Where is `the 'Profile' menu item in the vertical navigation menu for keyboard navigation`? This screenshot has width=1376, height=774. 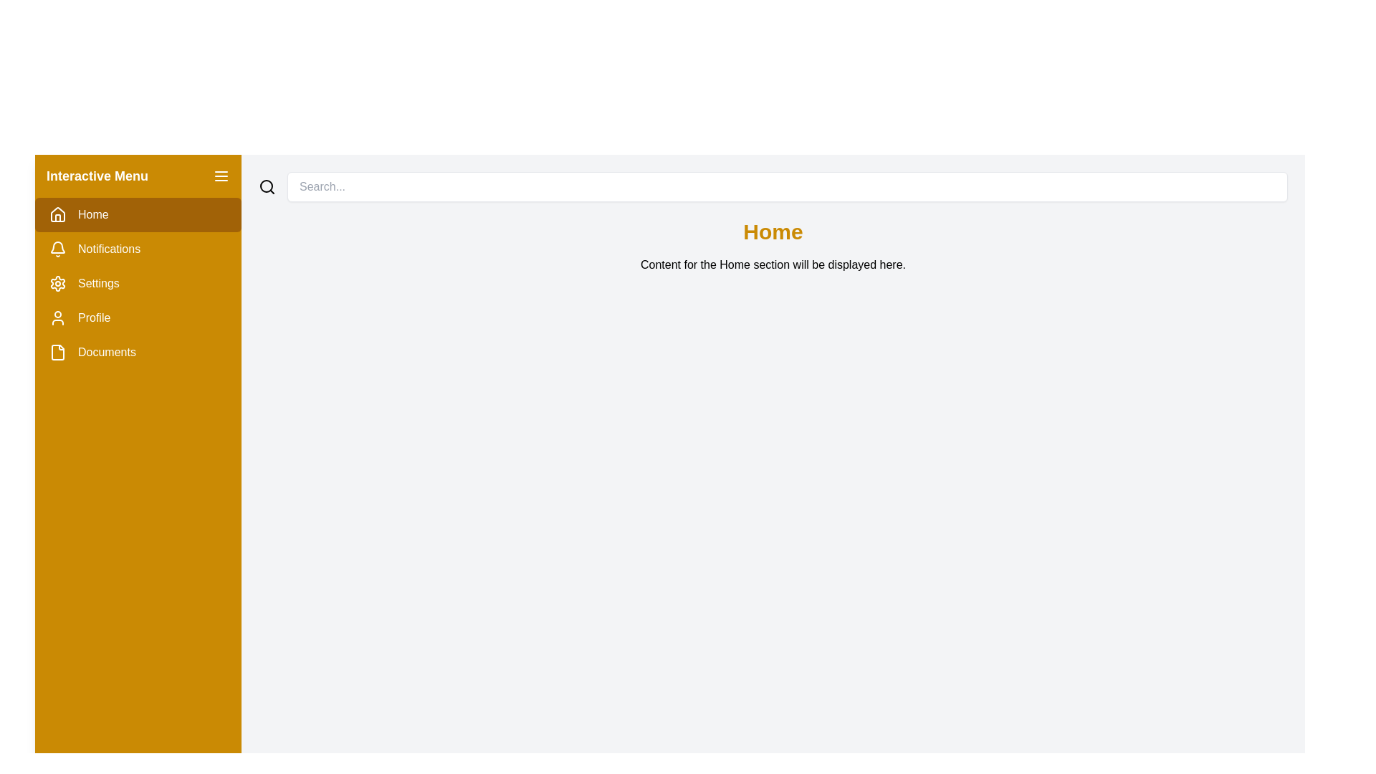
the 'Profile' menu item in the vertical navigation menu for keyboard navigation is located at coordinates (138, 317).